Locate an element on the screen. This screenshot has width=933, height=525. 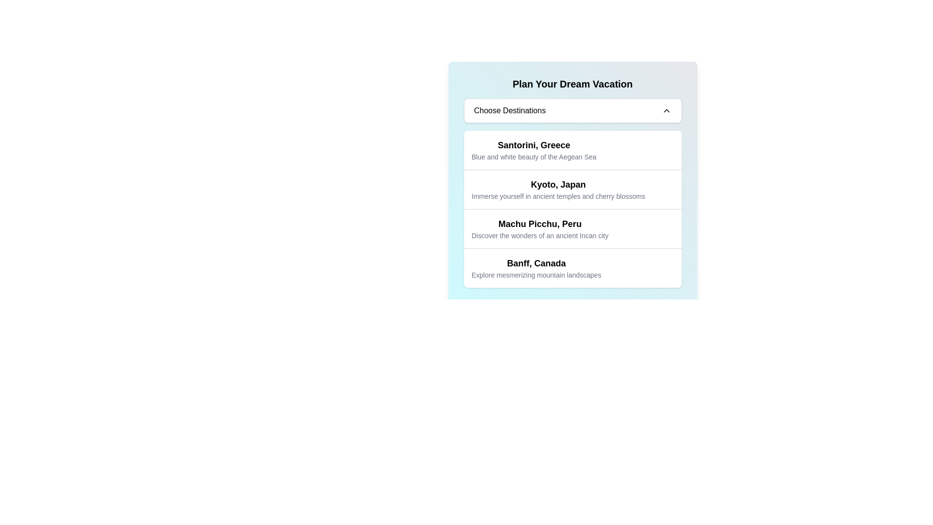
the text block providing details about Machu Picchu in Peru, which is the third item in the vertical list of travel destinations is located at coordinates (539, 228).